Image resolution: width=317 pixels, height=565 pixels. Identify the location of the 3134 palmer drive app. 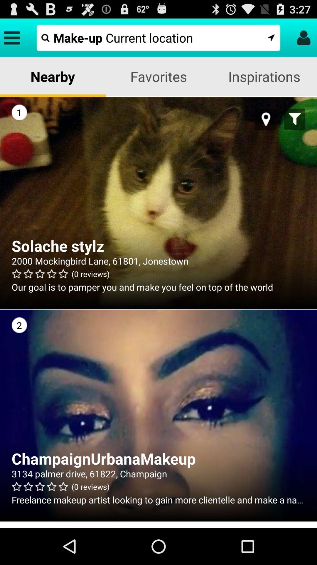
(158, 473).